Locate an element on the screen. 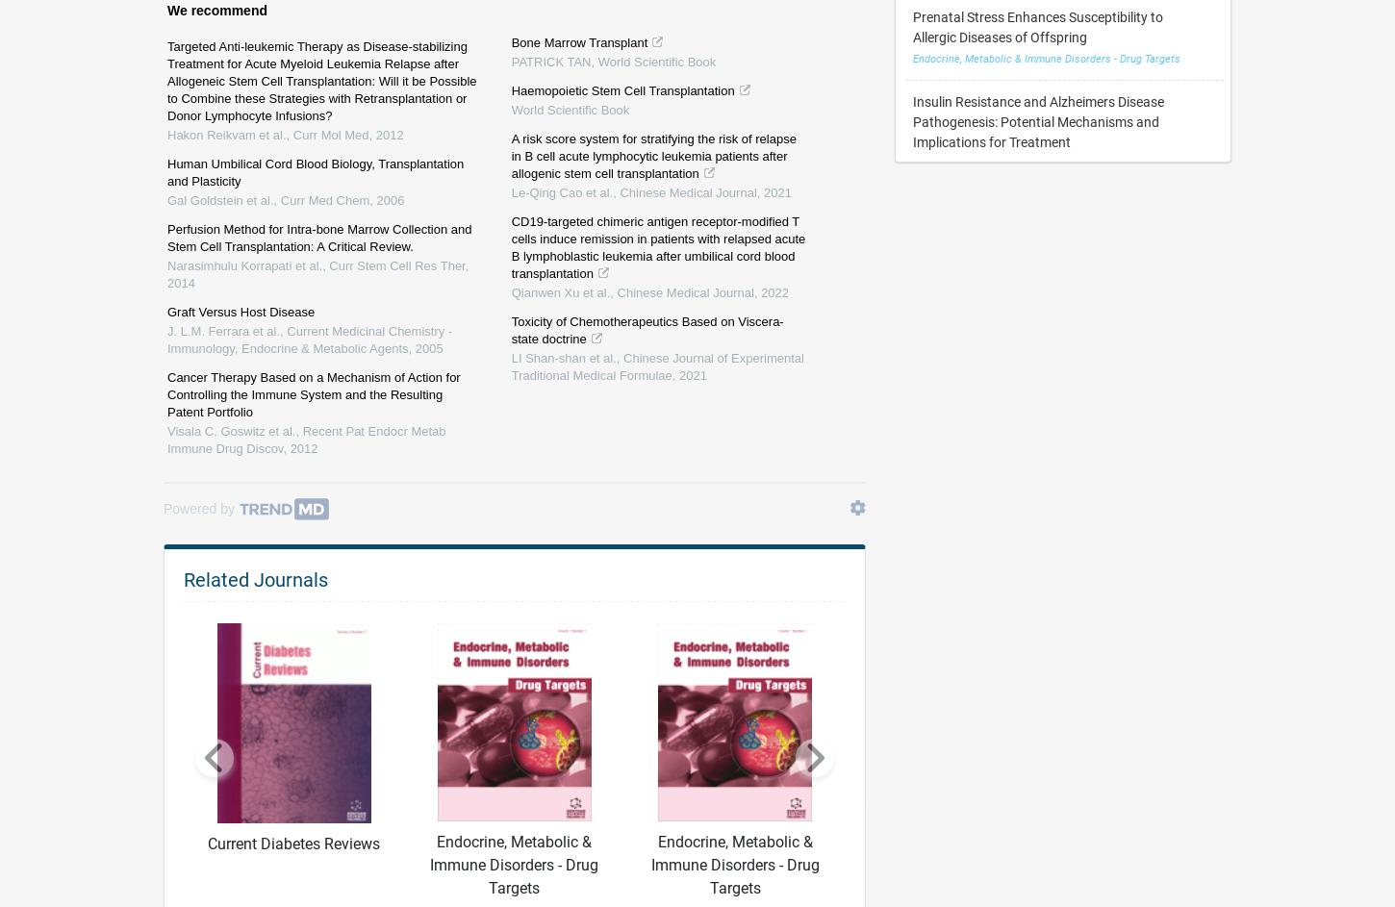  'Related Books' is located at coordinates (244, 237).